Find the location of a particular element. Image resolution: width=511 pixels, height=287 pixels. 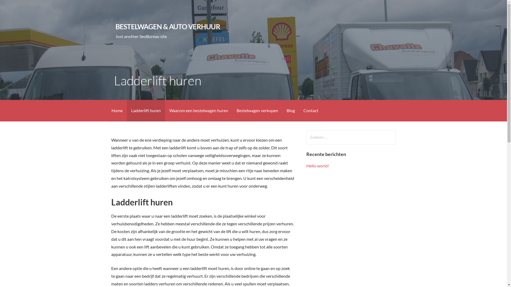

'Blog' is located at coordinates (290, 110).